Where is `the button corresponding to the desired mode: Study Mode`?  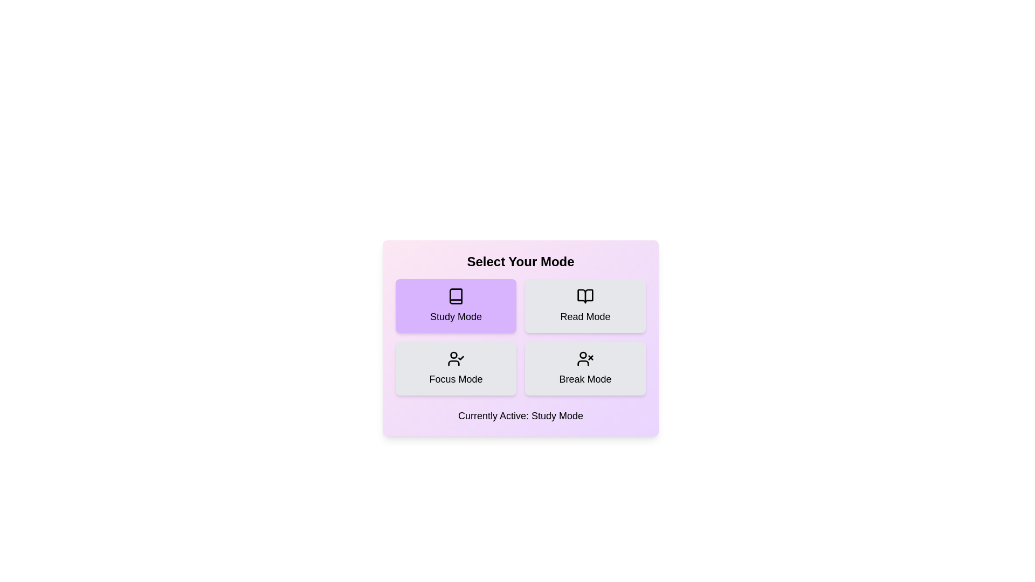 the button corresponding to the desired mode: Study Mode is located at coordinates (456, 306).